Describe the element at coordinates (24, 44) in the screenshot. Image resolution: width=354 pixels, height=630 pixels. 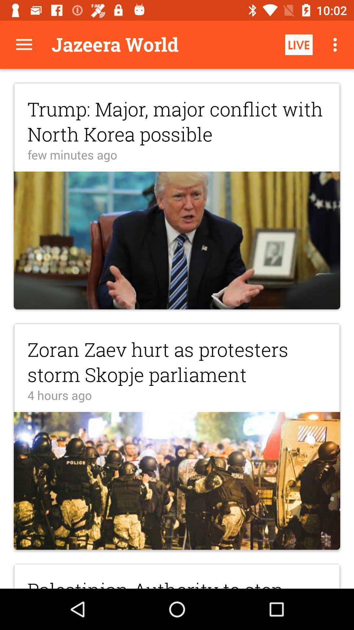
I see `display more options` at that location.